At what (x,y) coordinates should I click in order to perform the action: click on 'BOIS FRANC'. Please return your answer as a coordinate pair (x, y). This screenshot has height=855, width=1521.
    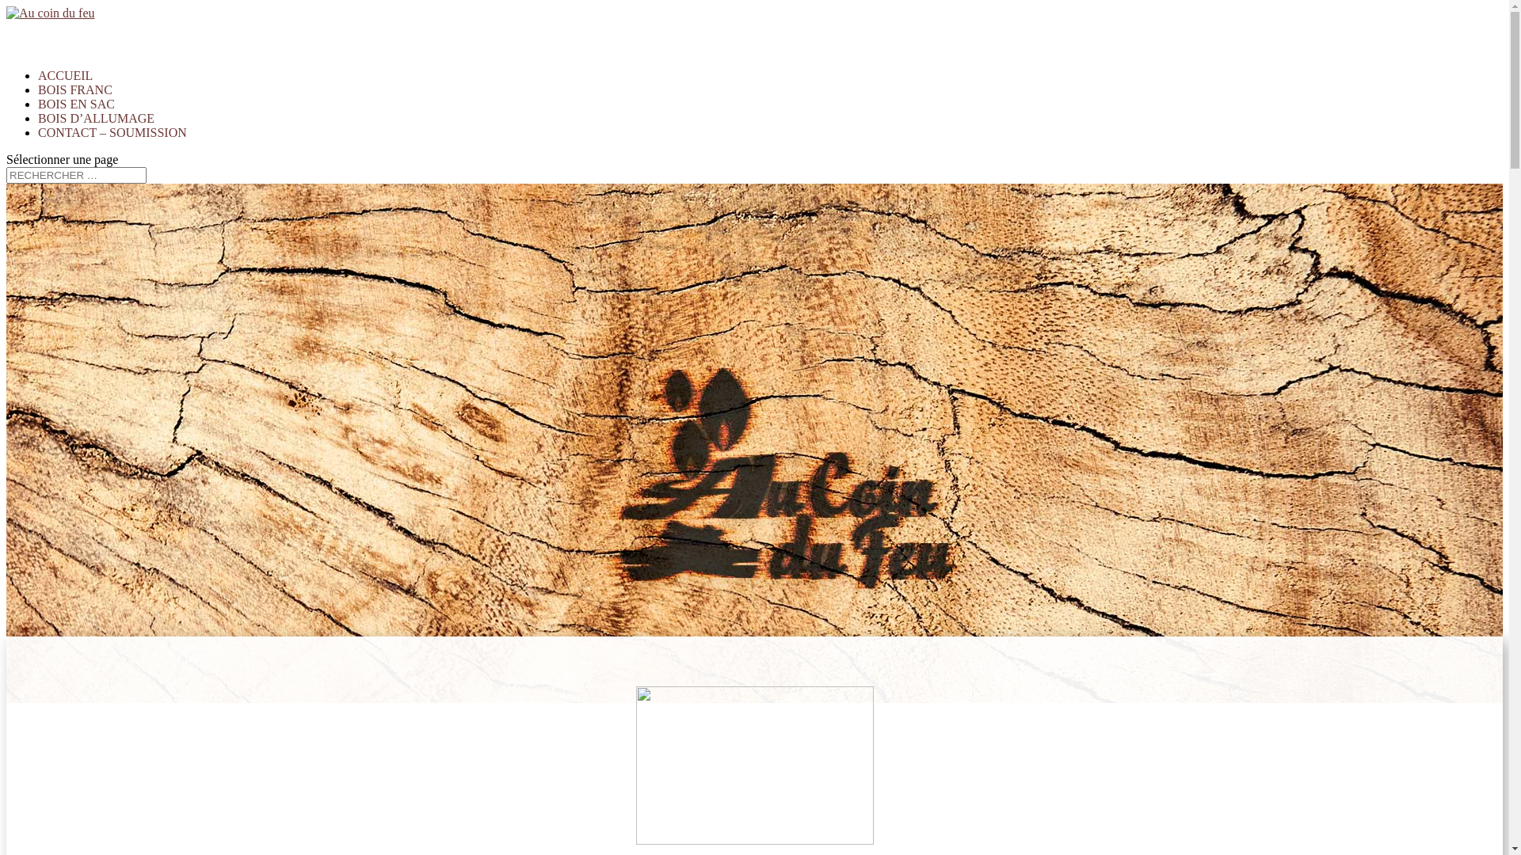
    Looking at the image, I should click on (38, 107).